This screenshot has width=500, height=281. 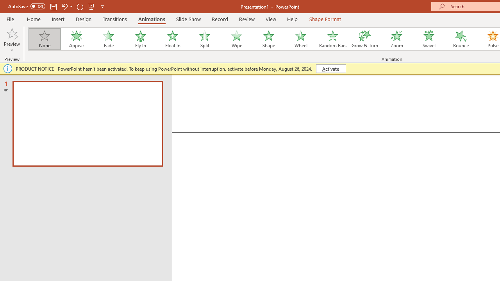 I want to click on 'Shape', so click(x=269, y=39).